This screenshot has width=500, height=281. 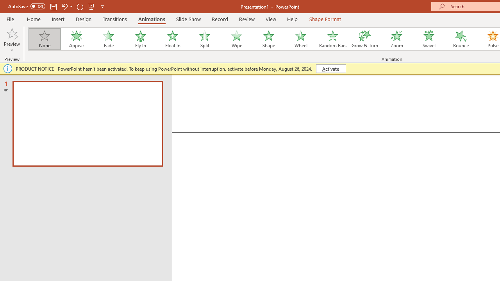 I want to click on 'Shape', so click(x=269, y=39).